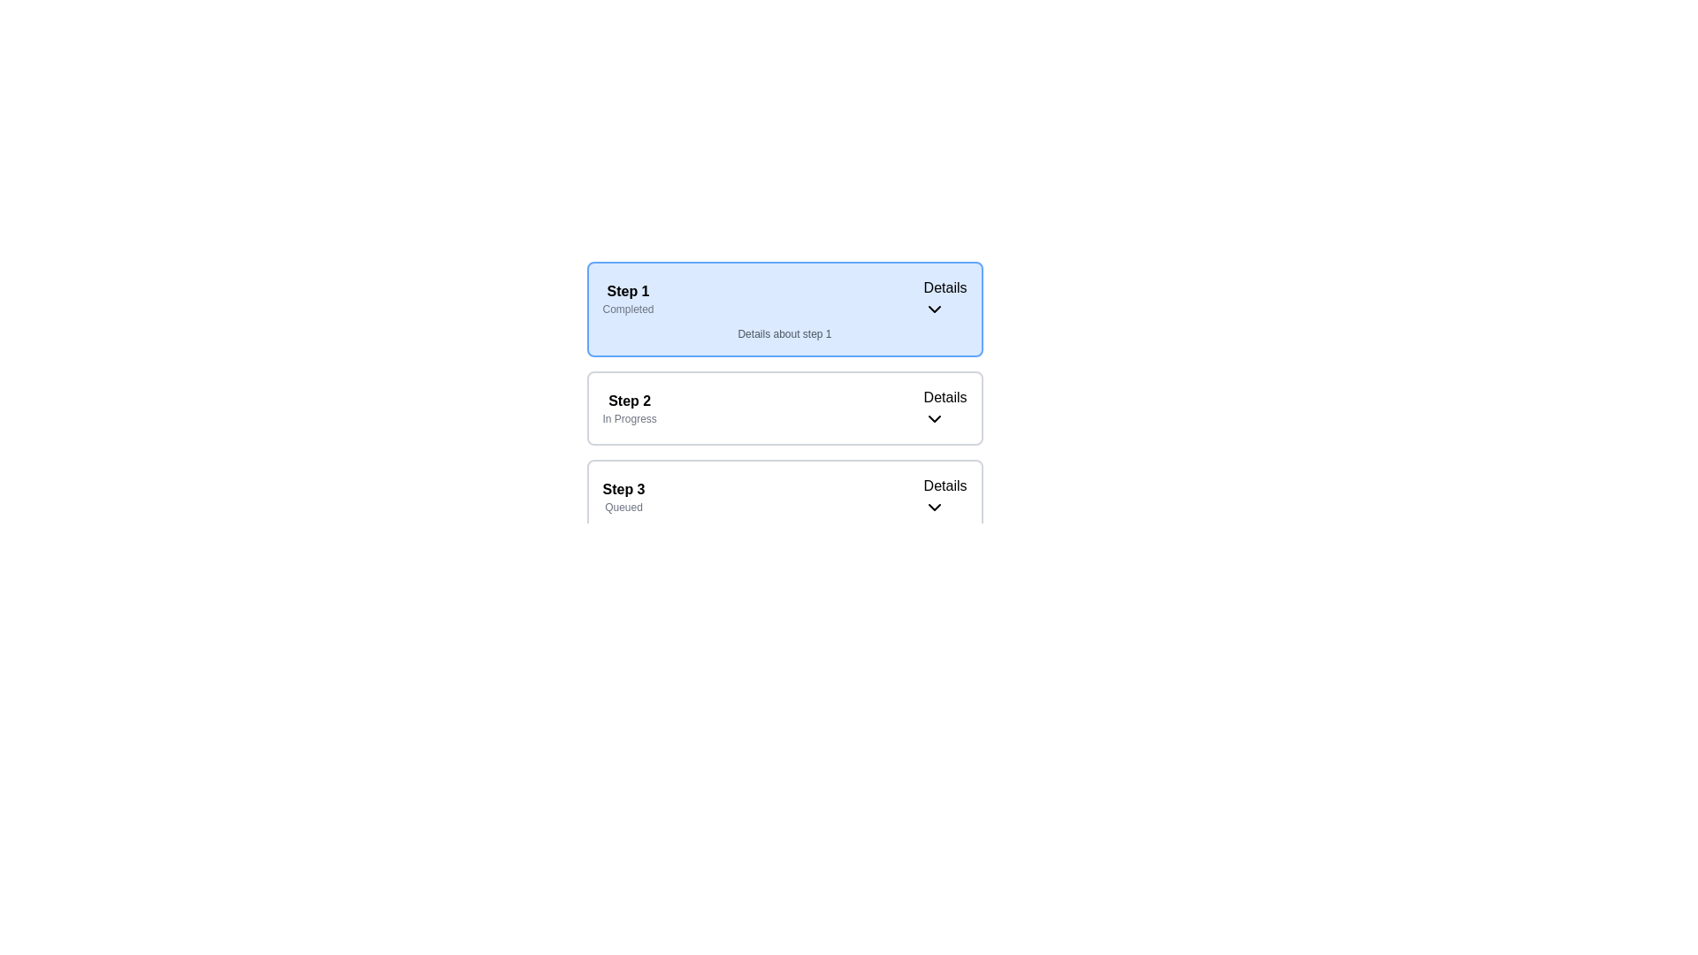 The height and width of the screenshot is (955, 1698). I want to click on the interactive card representing Step 3 ('Queued'), so click(784, 497).